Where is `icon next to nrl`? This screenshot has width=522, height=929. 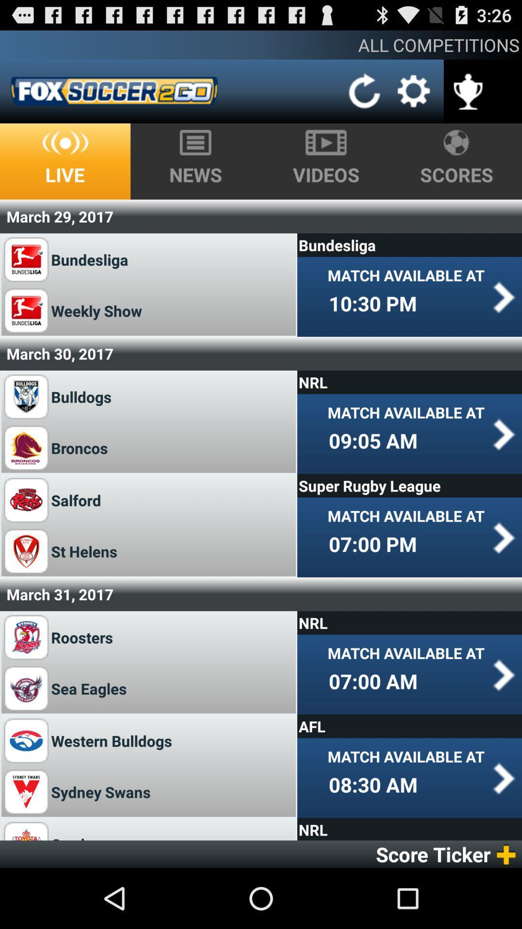
icon next to nrl is located at coordinates (82, 835).